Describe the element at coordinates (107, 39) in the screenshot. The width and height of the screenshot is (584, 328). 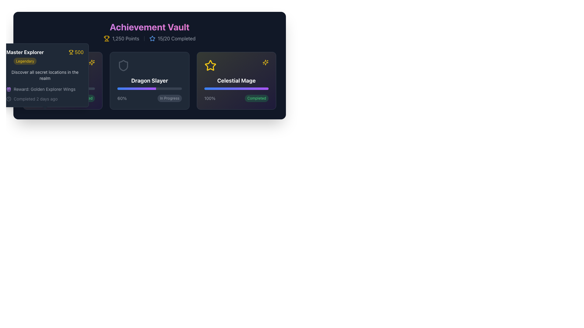
I see `the achievement icon located to the left of the '1,250 Points' text at the top center of the interface` at that location.